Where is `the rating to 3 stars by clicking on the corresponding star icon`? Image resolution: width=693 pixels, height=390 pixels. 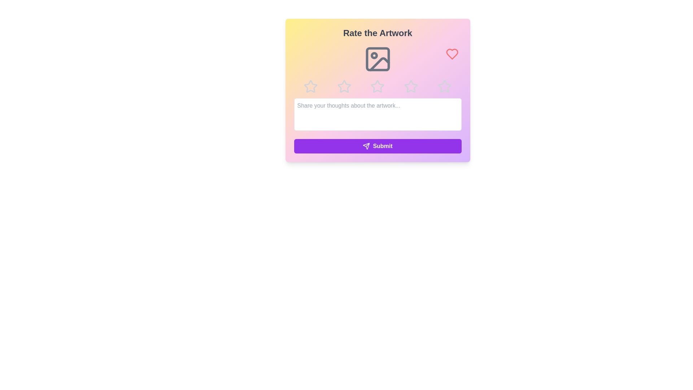
the rating to 3 stars by clicking on the corresponding star icon is located at coordinates (377, 86).